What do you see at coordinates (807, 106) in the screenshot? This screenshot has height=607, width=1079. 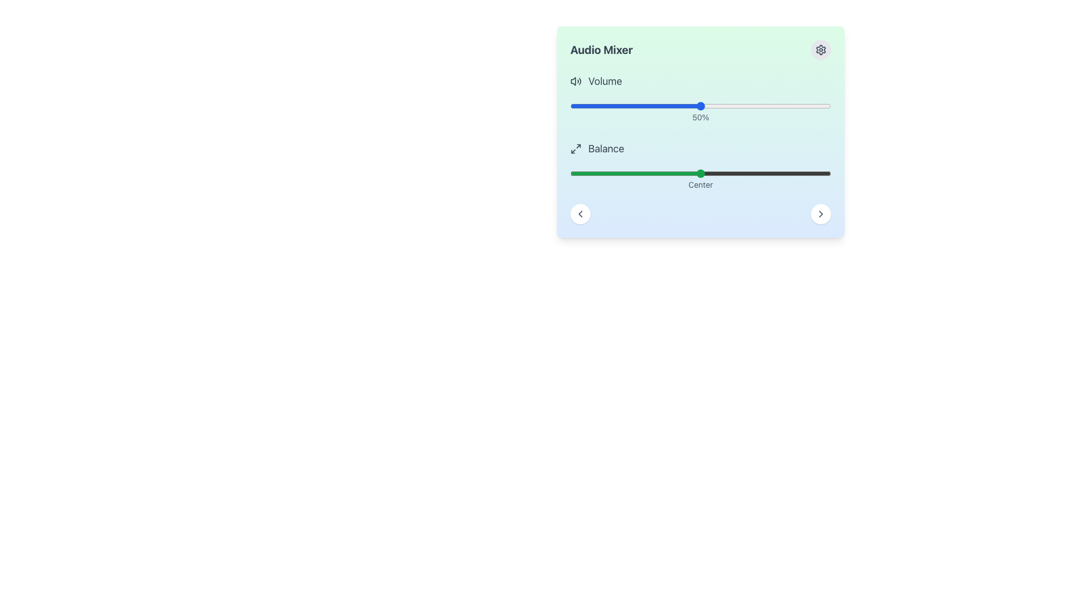 I see `the volume` at bounding box center [807, 106].